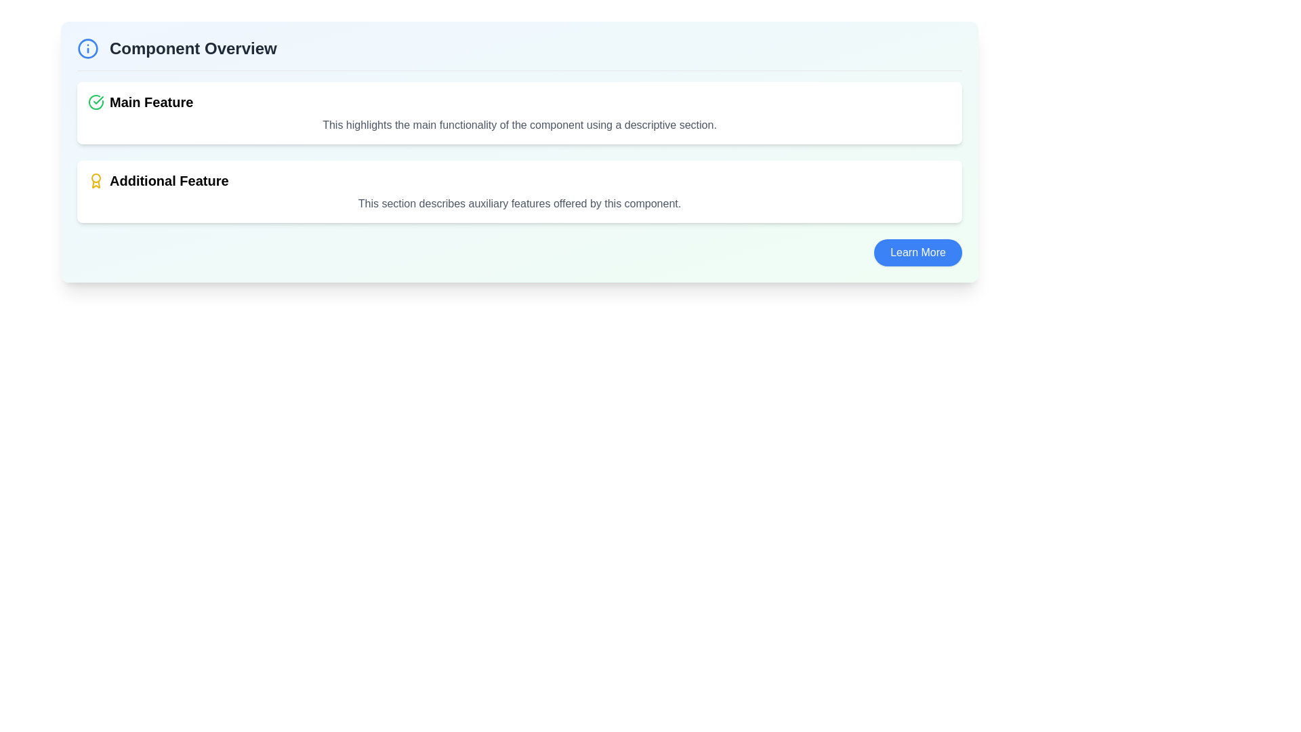  Describe the element at coordinates (96, 101) in the screenshot. I see `the circular success icon with a checkmark, which is located to the left of the 'Main Feature' heading` at that location.